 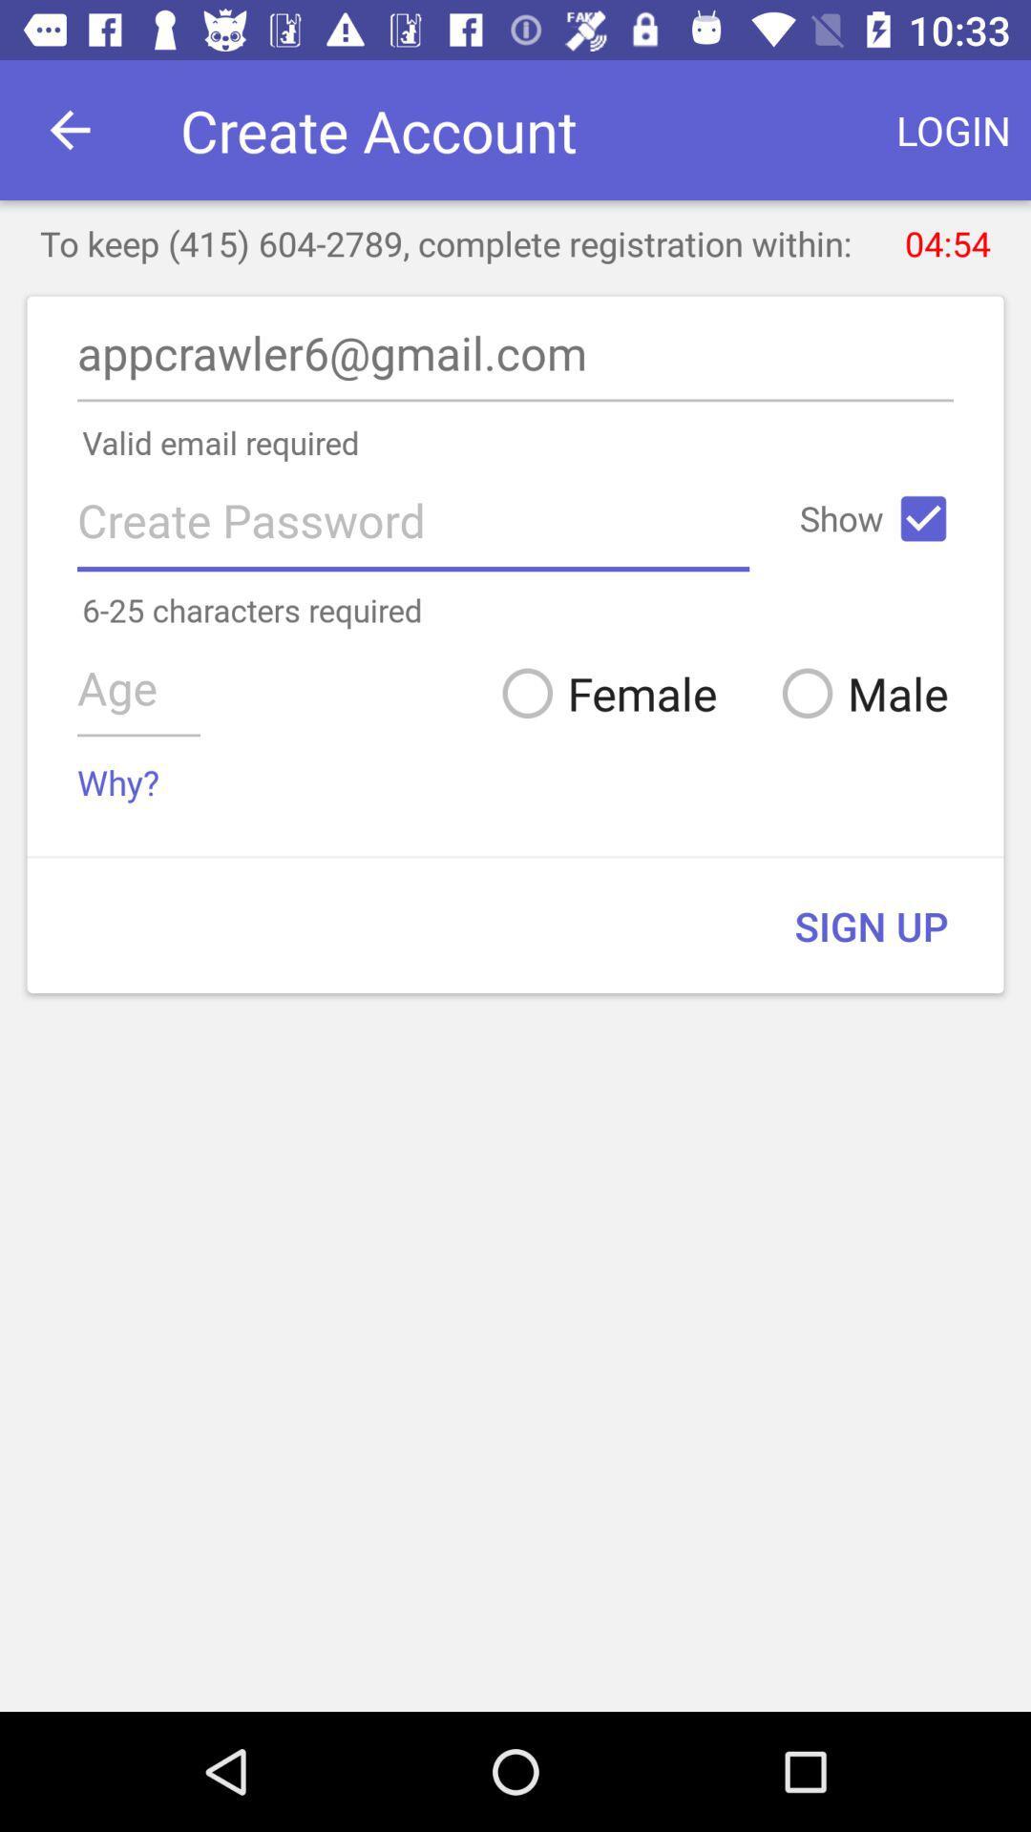 I want to click on item to the right of the show icon, so click(x=922, y=518).